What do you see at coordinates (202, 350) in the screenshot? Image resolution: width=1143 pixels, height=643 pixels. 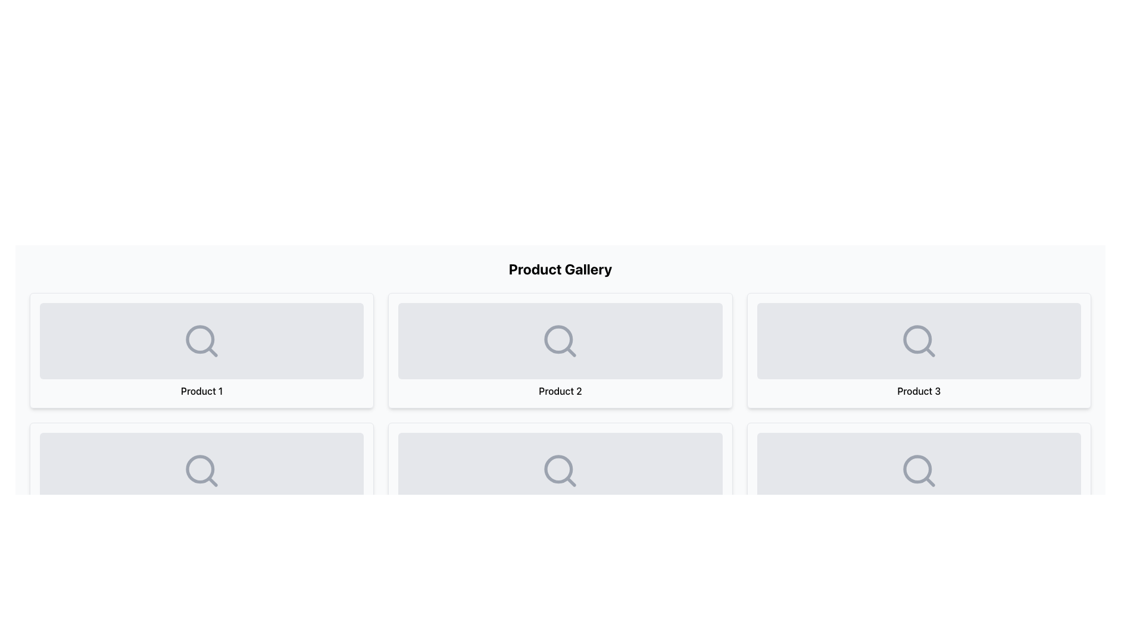 I see `the first card in the grid layout, which features a gray placeholder area with a magnifying glass icon and a text area labeled 'Product 1'` at bounding box center [202, 350].